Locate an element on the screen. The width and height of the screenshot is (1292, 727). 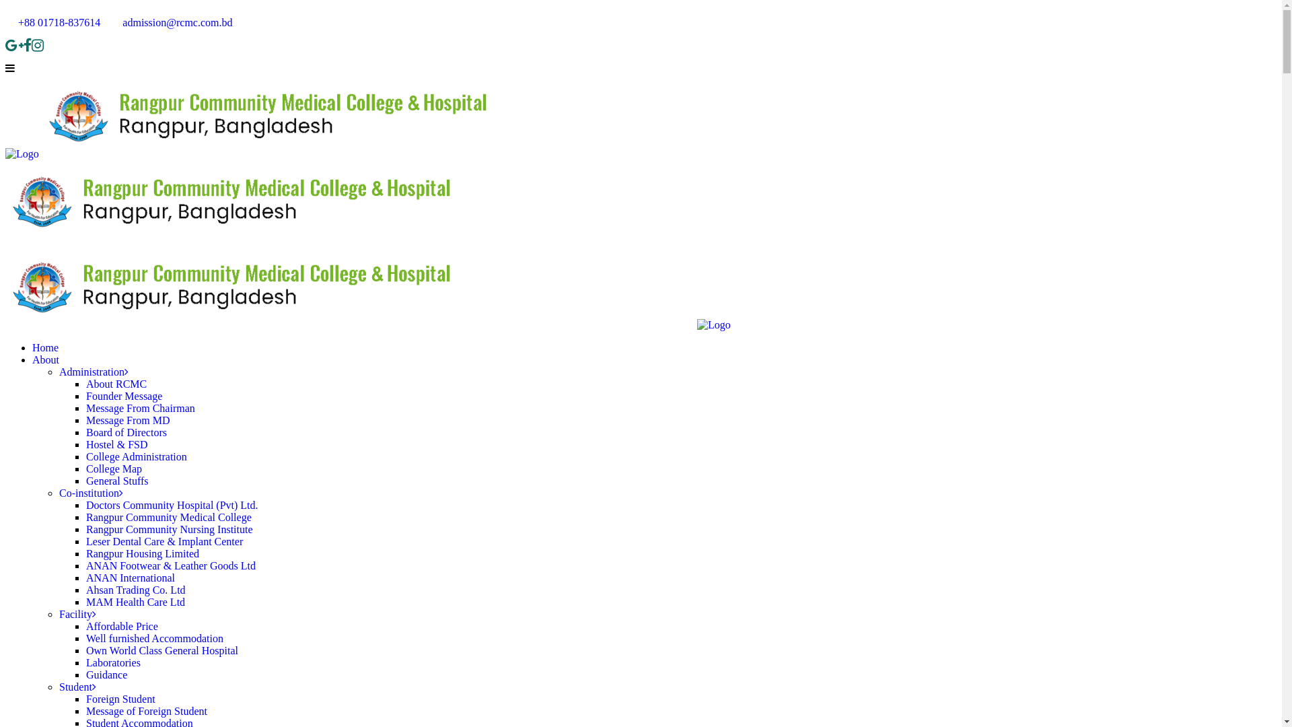
'College Map' is located at coordinates (85, 468).